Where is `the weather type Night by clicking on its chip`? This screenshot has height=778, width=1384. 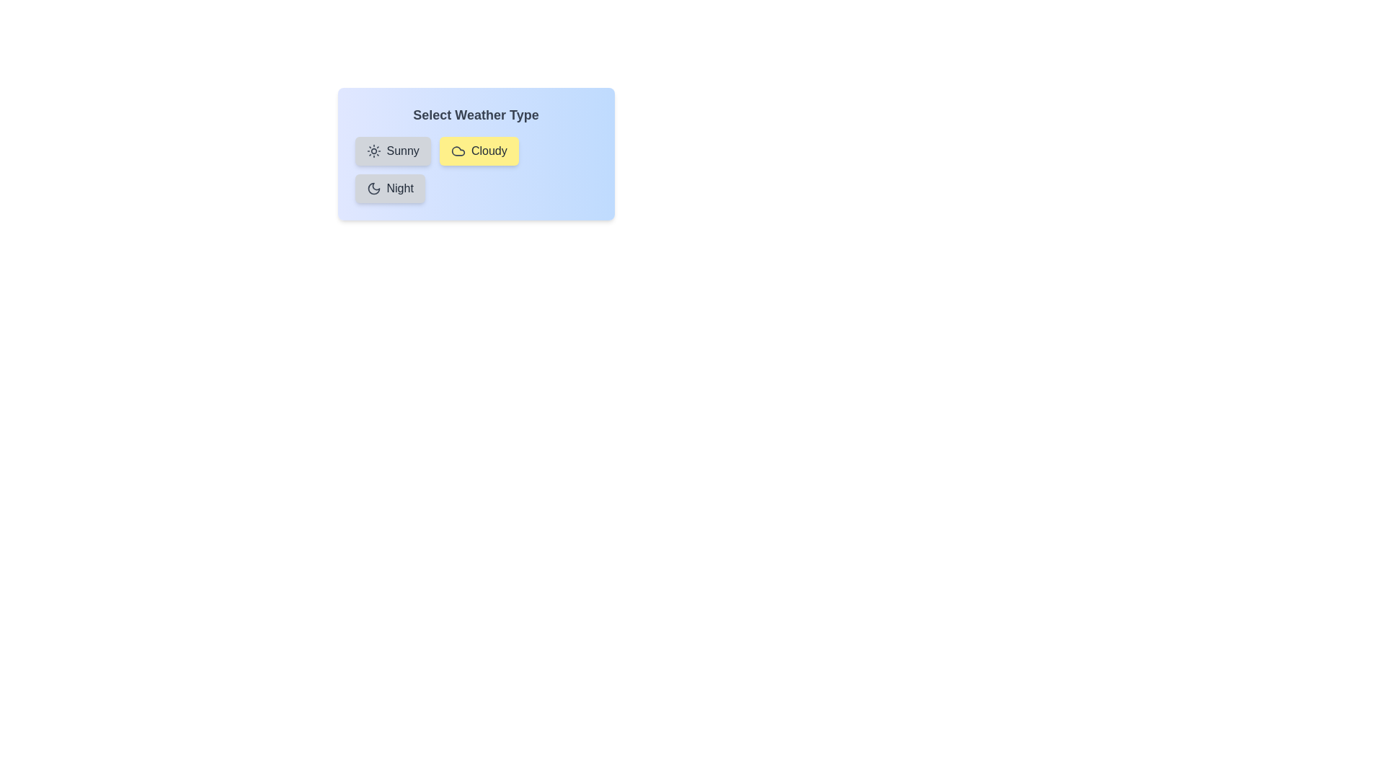
the weather type Night by clicking on its chip is located at coordinates (390, 188).